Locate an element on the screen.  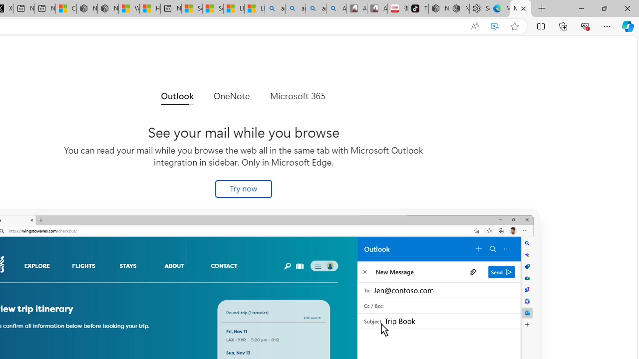
'Enhance video' is located at coordinates (495, 26).